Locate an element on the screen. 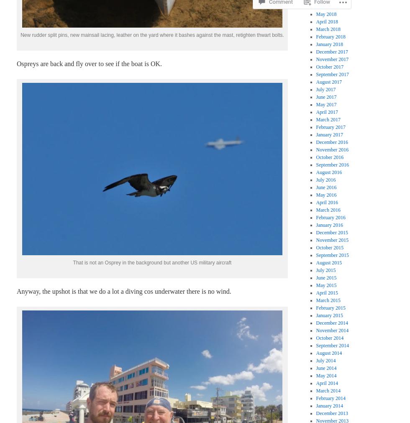 This screenshot has width=410, height=423. 'December 2016' is located at coordinates (332, 141).